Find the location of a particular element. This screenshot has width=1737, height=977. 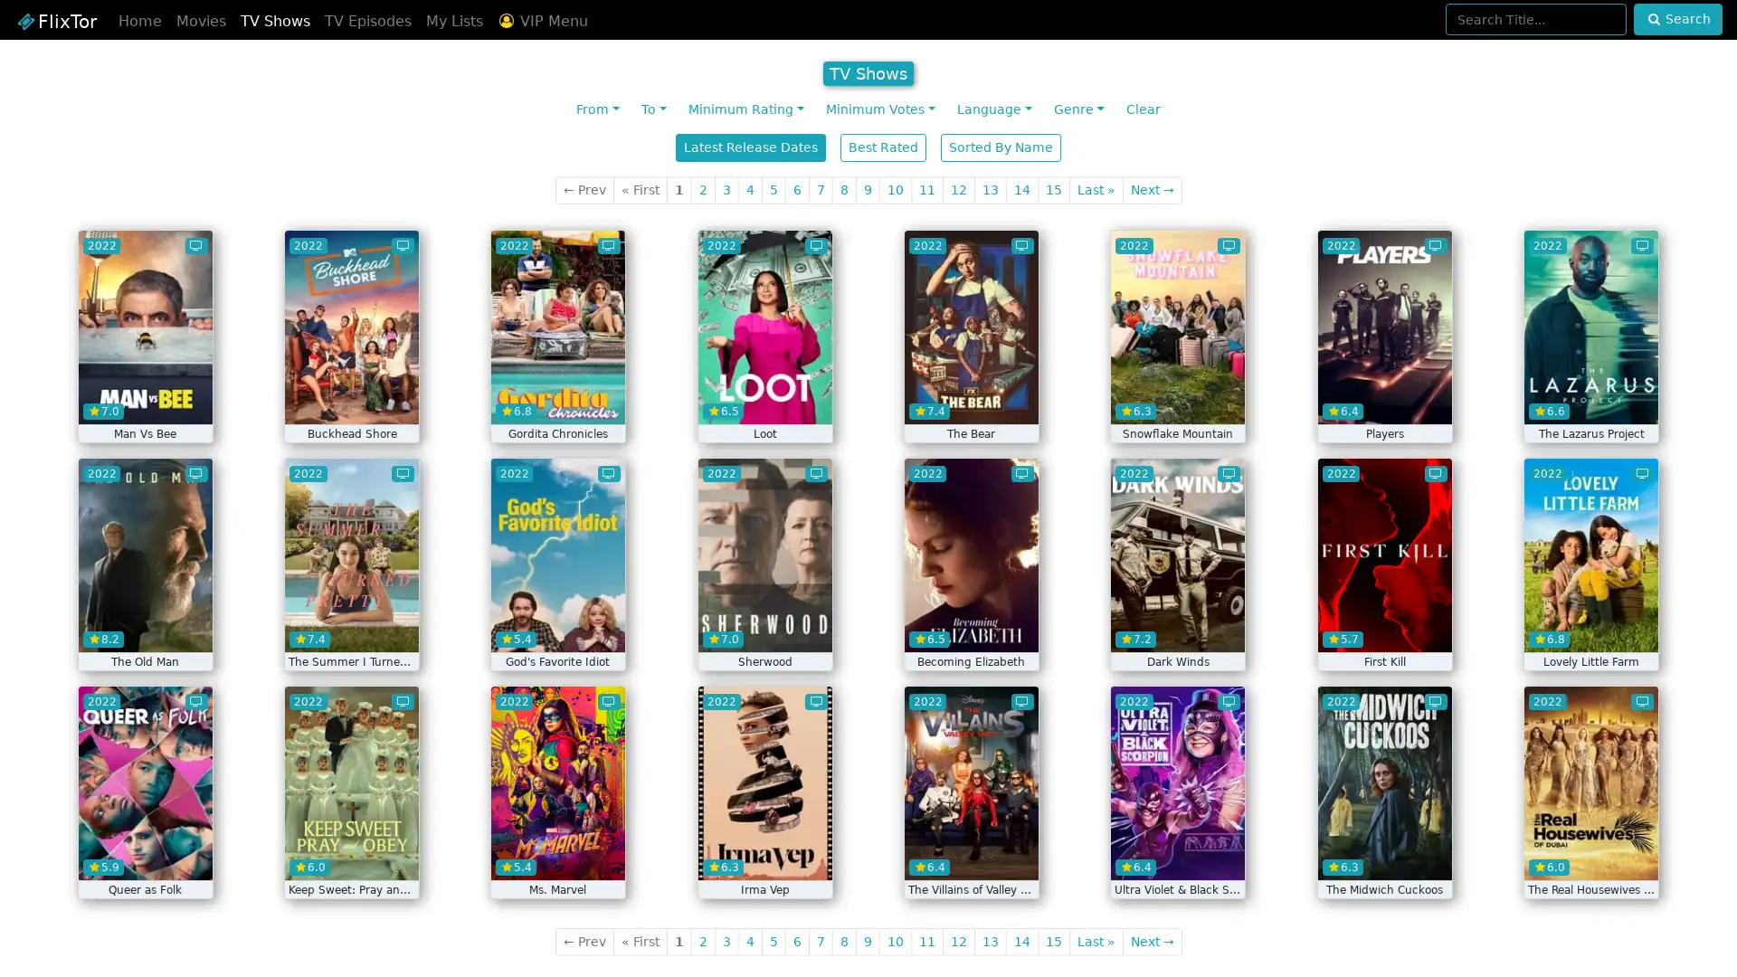

VIP Menu is located at coordinates (541, 21).